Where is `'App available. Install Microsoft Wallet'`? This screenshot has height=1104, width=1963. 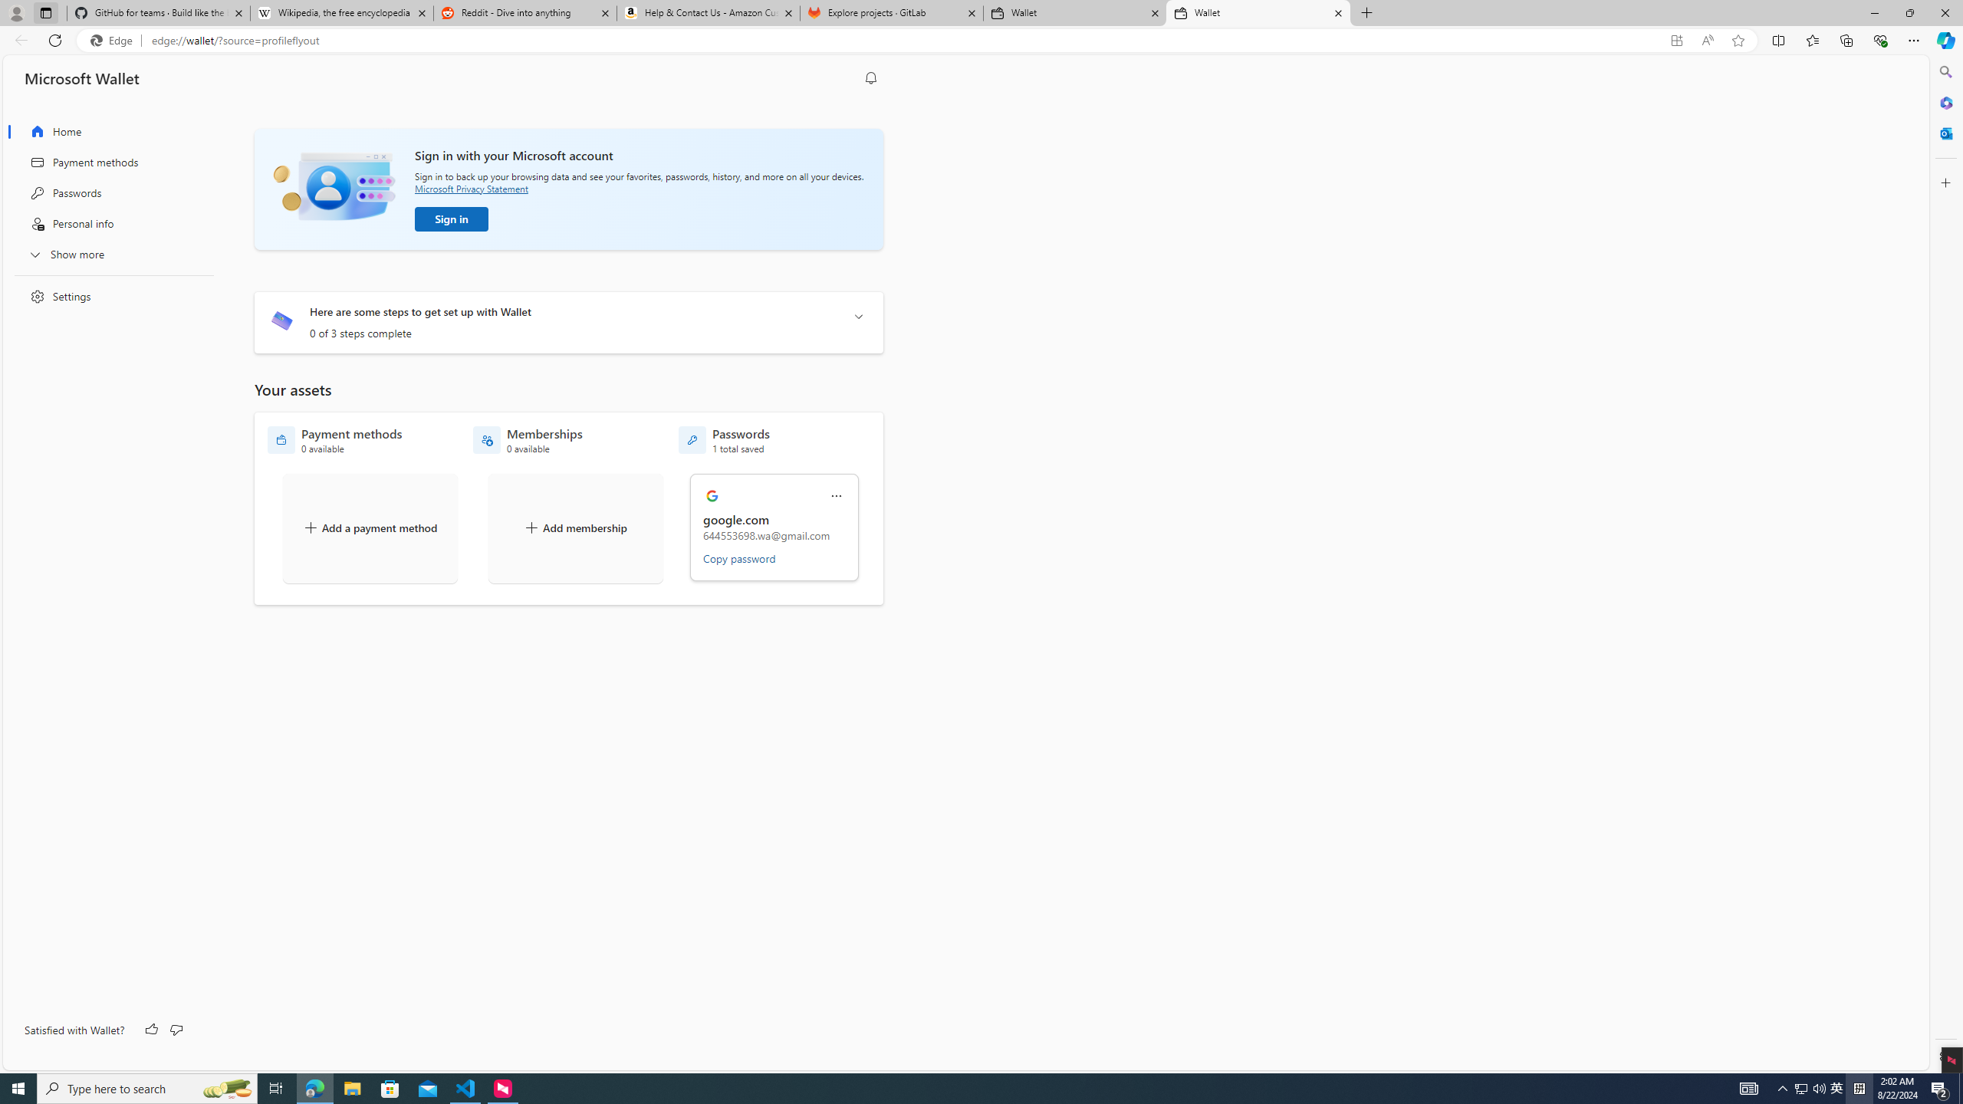
'App available. Install Microsoft Wallet' is located at coordinates (1675, 41).